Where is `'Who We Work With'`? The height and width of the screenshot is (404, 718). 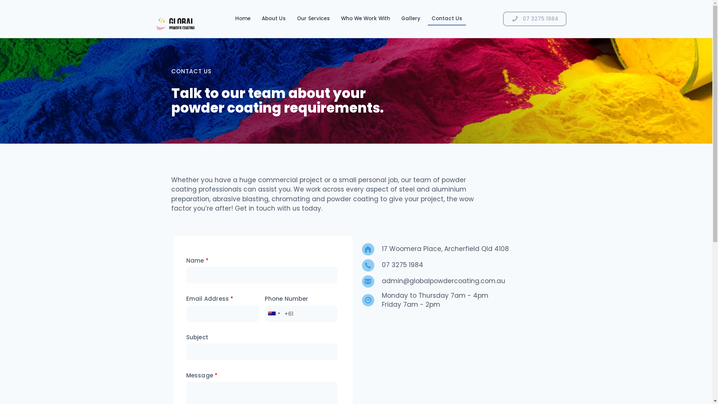 'Who We Work With' is located at coordinates (365, 18).